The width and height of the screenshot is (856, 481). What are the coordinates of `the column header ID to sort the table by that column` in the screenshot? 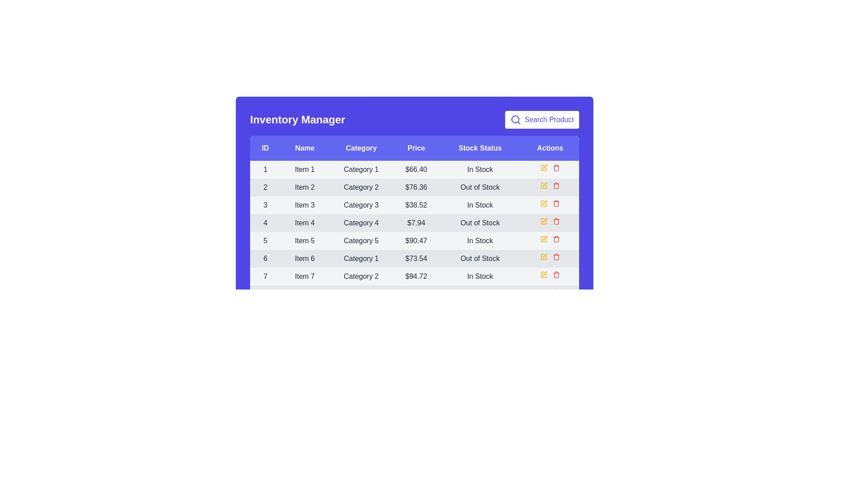 It's located at (265, 147).